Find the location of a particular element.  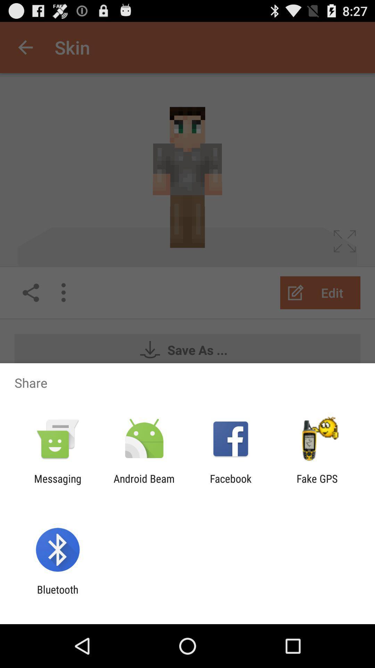

the item to the right of android beam icon is located at coordinates (231, 484).